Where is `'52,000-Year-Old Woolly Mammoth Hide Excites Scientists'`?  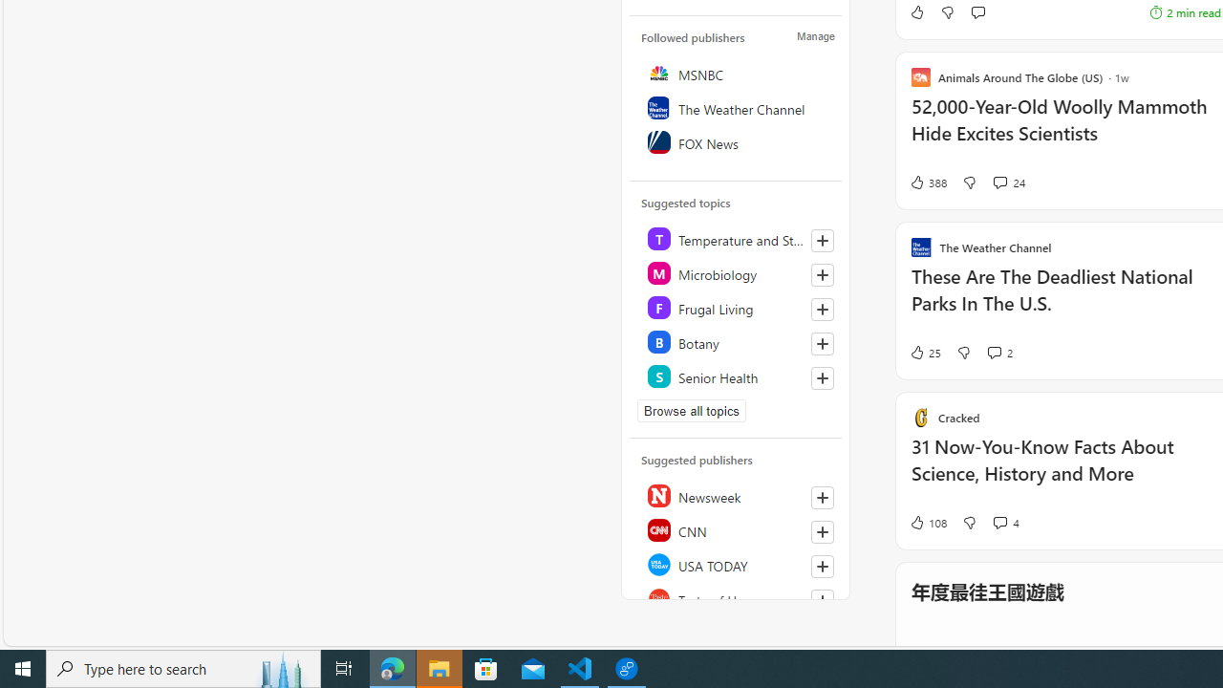
'52,000-Year-Old Woolly Mammoth Hide Excites Scientists' is located at coordinates (1064, 129).